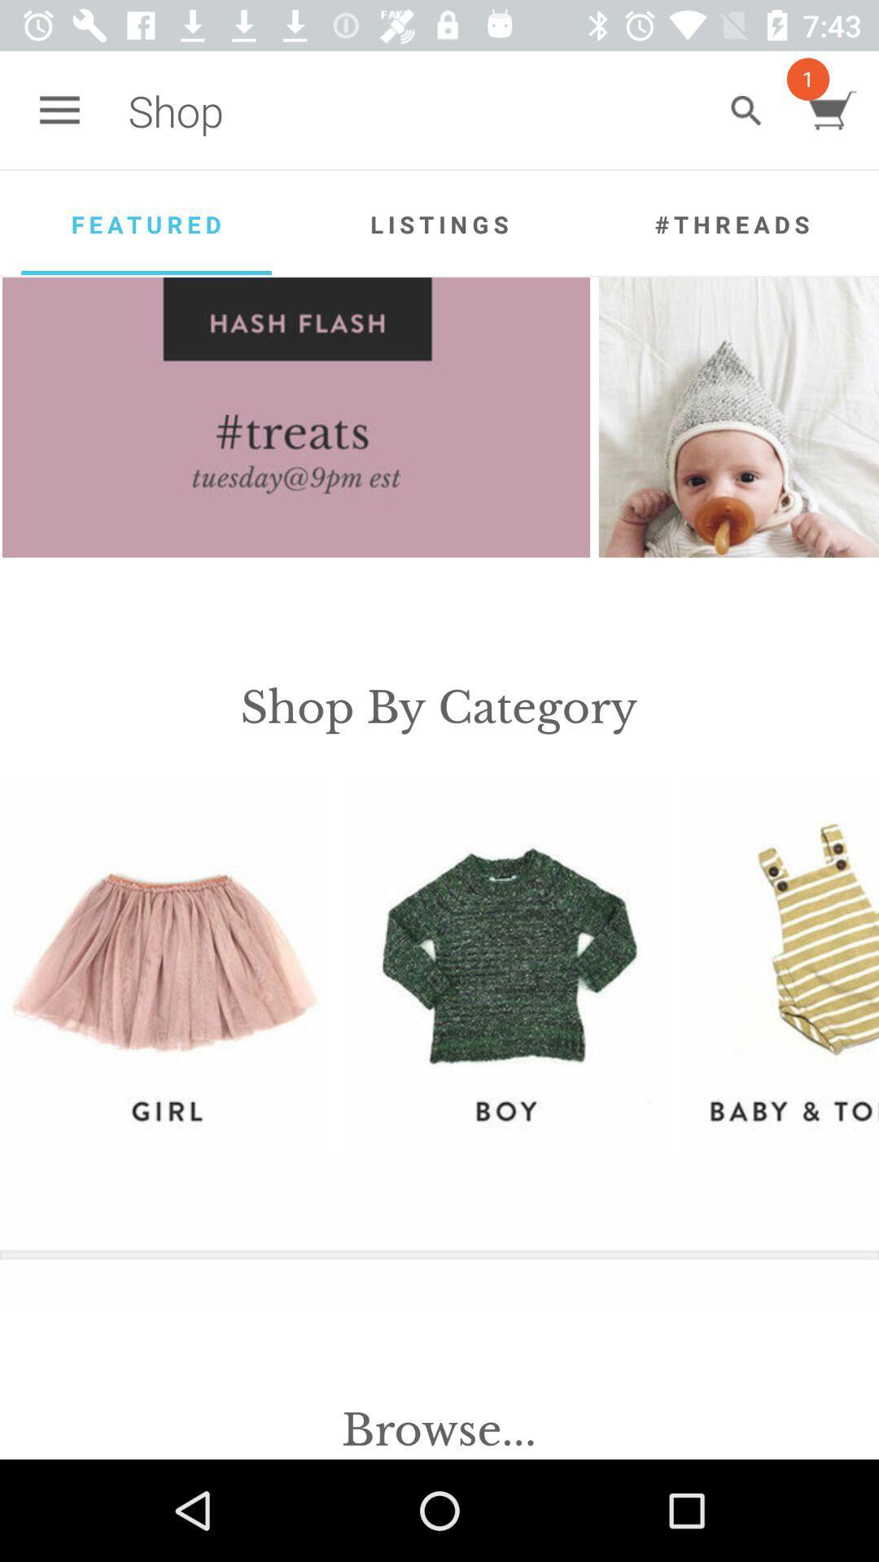 The image size is (879, 1562). I want to click on the article, so click(738, 417).